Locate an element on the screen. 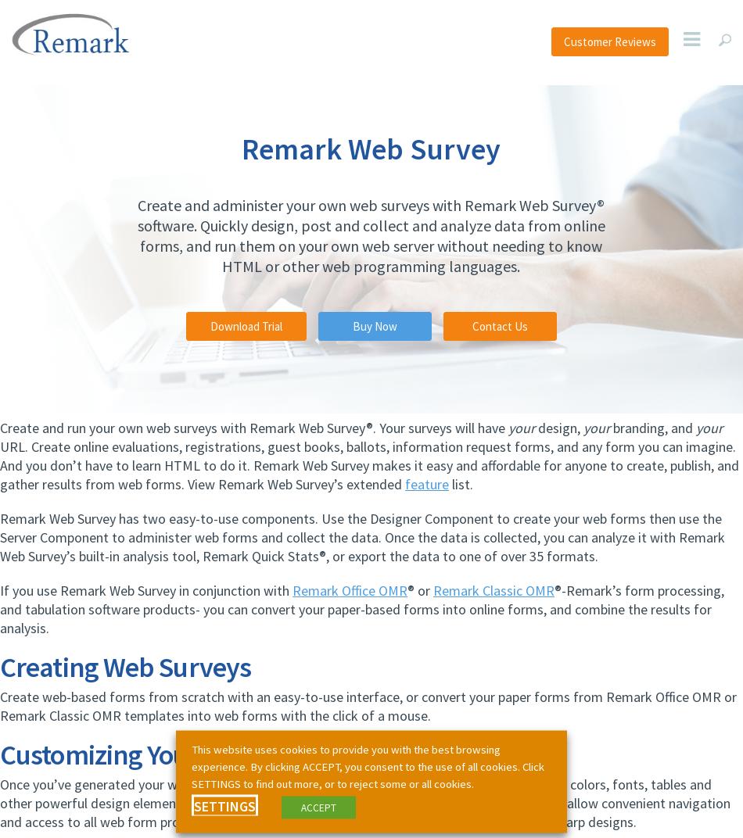  'Create and run your own web surveys with Remark Web Survey®. Your surveys will have' is located at coordinates (253, 427).